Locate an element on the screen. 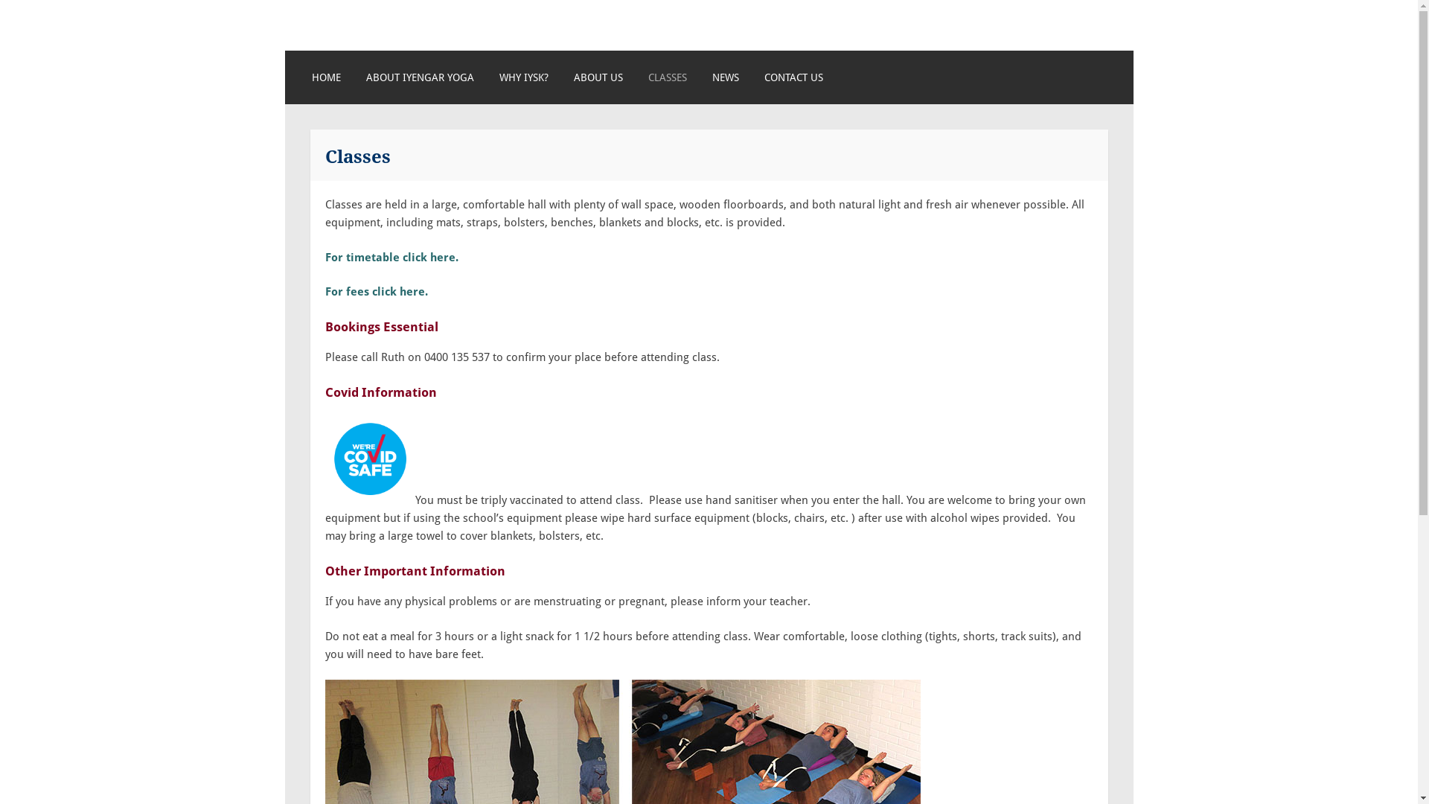 The height and width of the screenshot is (804, 1429). 'HOME' is located at coordinates (325, 77).